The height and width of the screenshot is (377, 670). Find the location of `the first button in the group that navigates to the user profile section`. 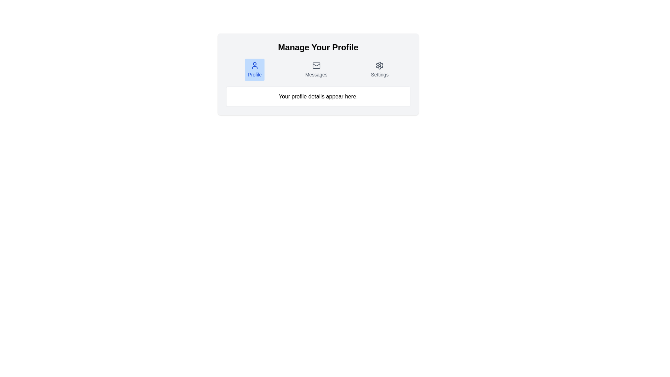

the first button in the group that navigates to the user profile section is located at coordinates (254, 70).